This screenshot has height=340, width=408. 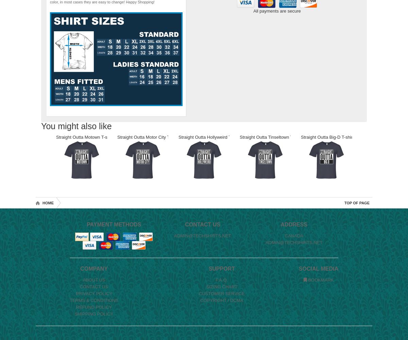 I want to click on 'All payments are secure', so click(x=253, y=11).